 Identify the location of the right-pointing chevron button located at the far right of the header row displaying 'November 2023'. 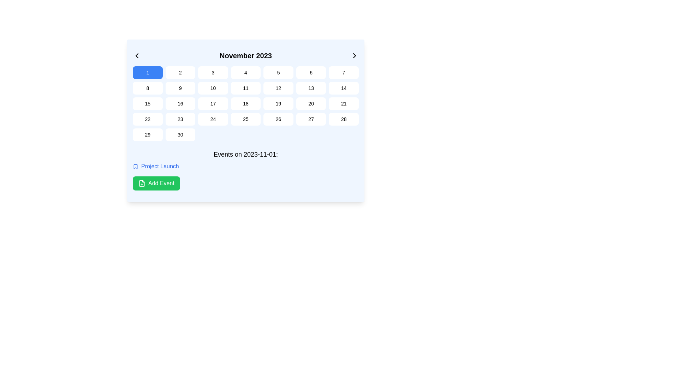
(354, 55).